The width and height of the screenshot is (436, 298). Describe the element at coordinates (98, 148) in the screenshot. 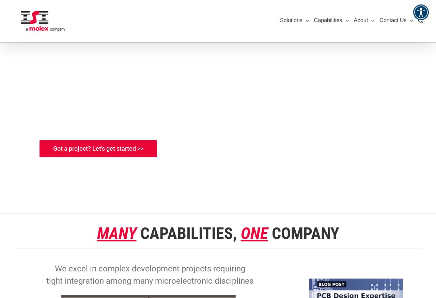

I see `'Got a project? Let's get started >>'` at that location.